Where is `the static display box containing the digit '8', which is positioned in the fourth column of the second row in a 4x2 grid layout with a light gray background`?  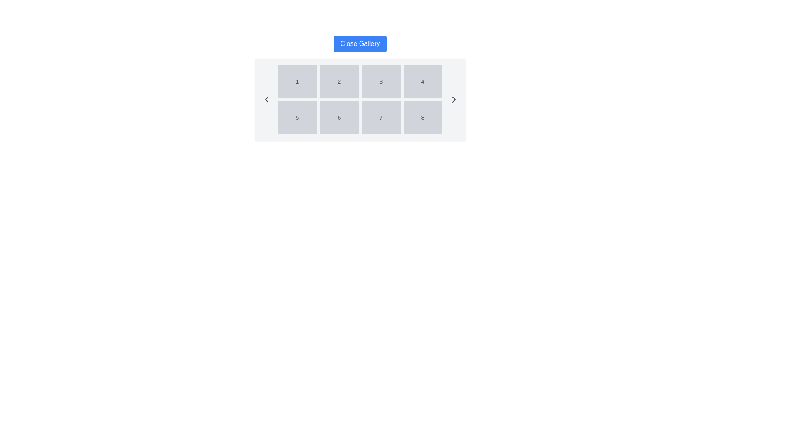 the static display box containing the digit '8', which is positioned in the fourth column of the second row in a 4x2 grid layout with a light gray background is located at coordinates (423, 117).